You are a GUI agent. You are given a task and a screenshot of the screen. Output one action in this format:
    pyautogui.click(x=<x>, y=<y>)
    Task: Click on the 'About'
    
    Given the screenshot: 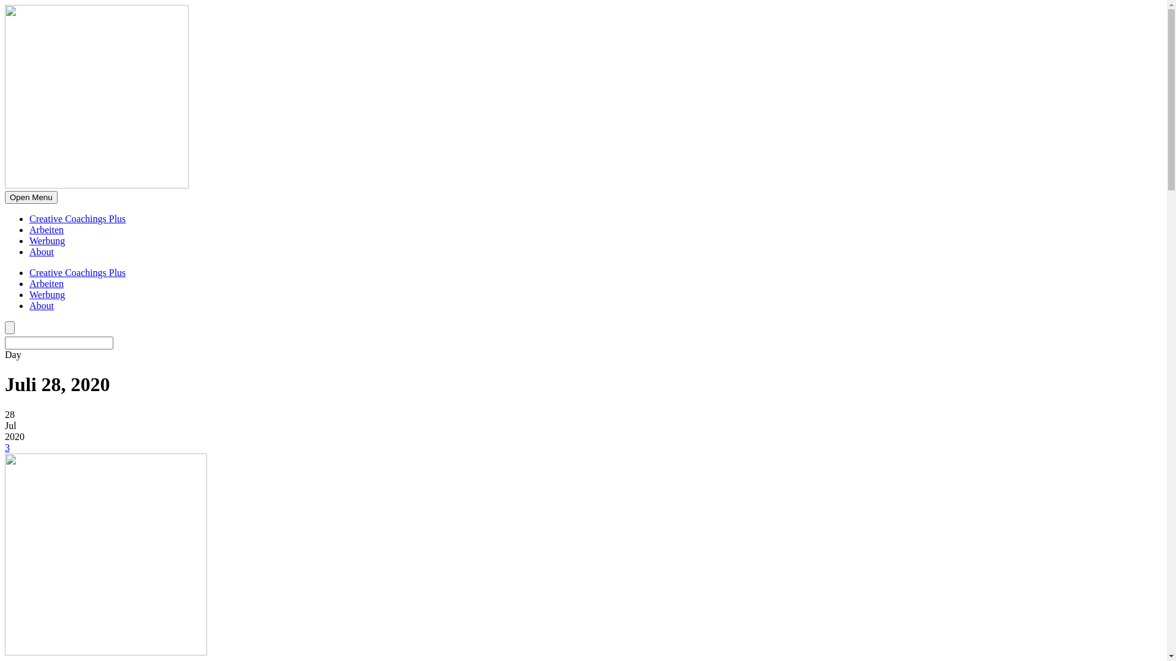 What is the action you would take?
    pyautogui.click(x=29, y=251)
    